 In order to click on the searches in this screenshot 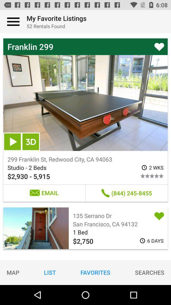, I will do `click(149, 272)`.